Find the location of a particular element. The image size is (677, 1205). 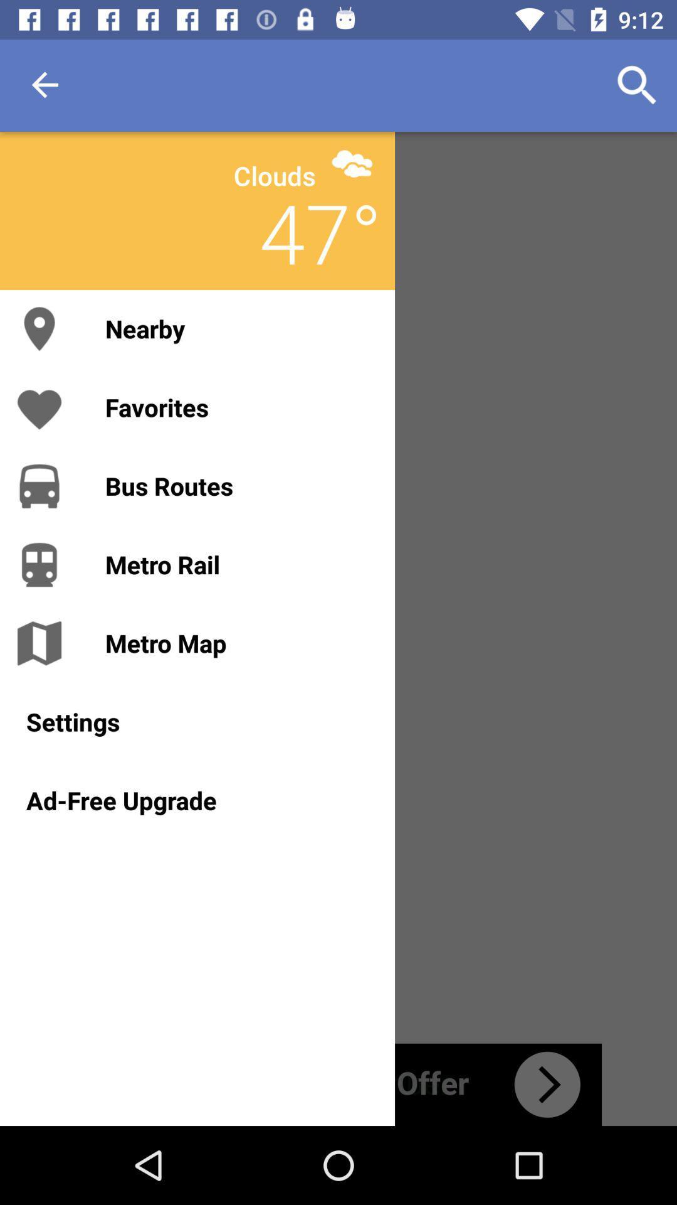

item above the nearby is located at coordinates (274, 174).